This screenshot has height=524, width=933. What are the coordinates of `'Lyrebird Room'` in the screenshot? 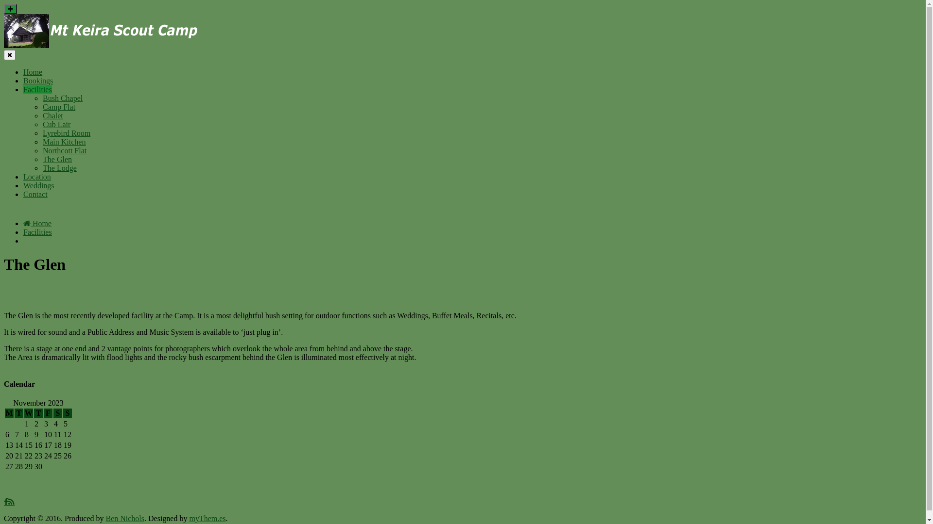 It's located at (66, 133).